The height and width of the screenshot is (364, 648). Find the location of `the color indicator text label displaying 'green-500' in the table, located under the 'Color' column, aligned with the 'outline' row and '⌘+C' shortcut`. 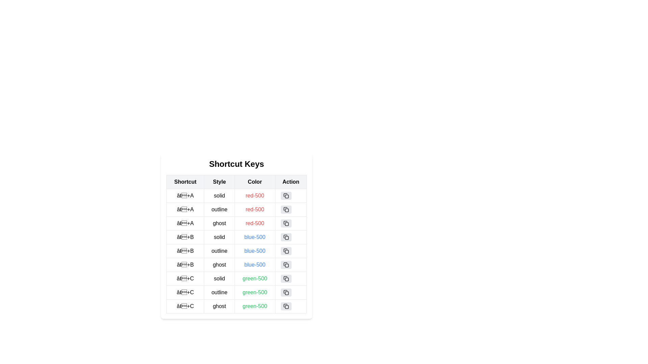

the color indicator text label displaying 'green-500' in the table, located under the 'Color' column, aligned with the 'outline' row and '⌘+C' shortcut is located at coordinates (254, 292).